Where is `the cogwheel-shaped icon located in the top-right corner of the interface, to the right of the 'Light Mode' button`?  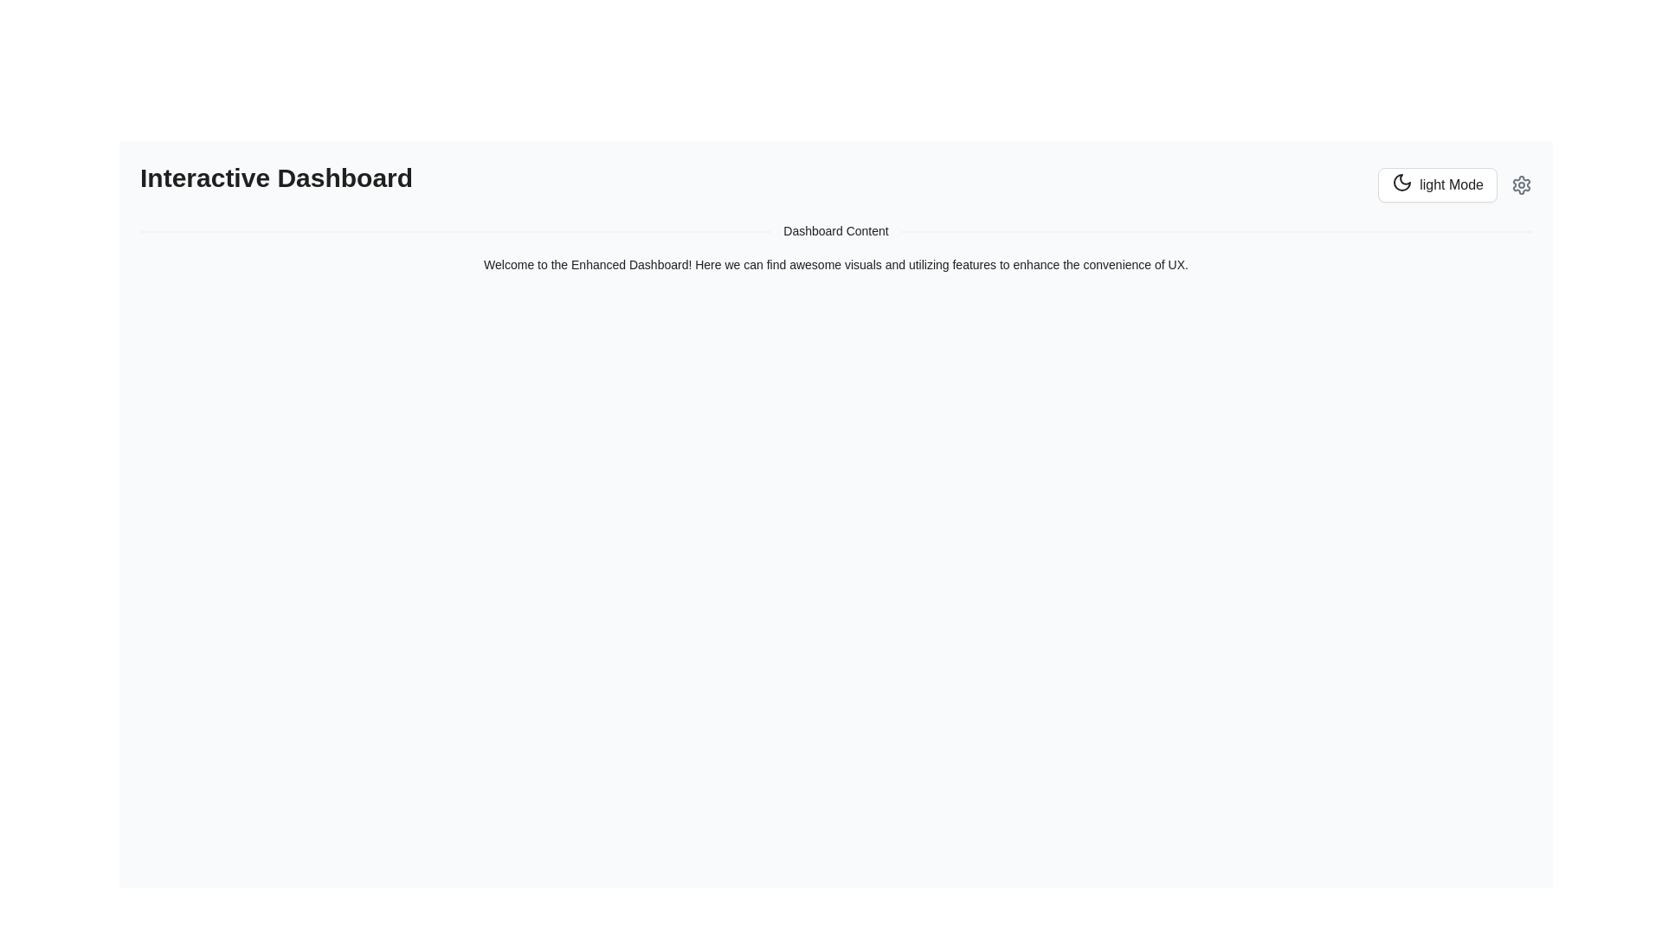
the cogwheel-shaped icon located in the top-right corner of the interface, to the right of the 'Light Mode' button is located at coordinates (1520, 184).